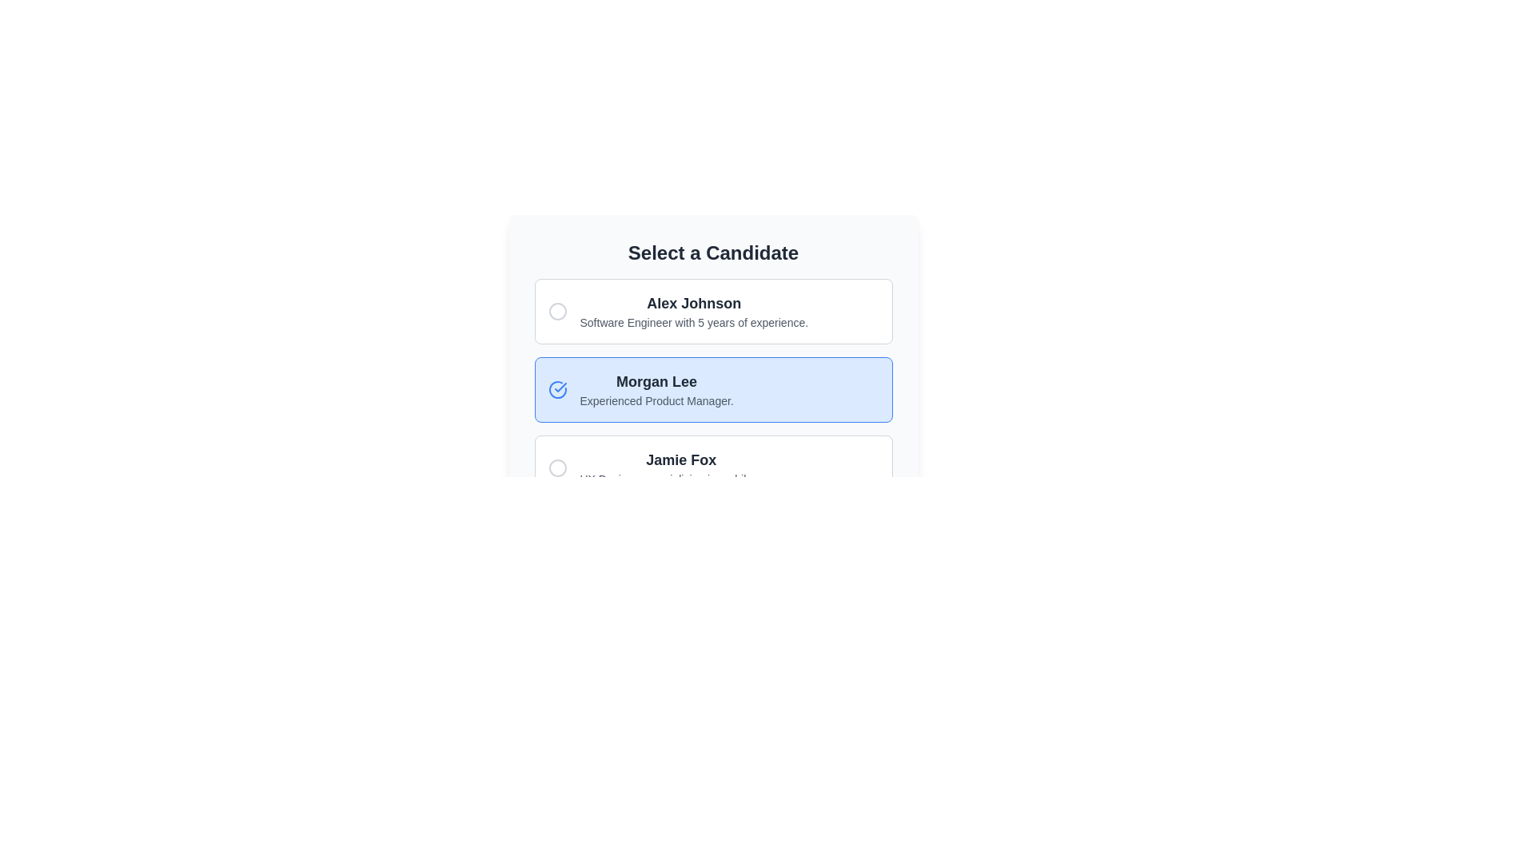  Describe the element at coordinates (557, 390) in the screenshot. I see `the circular icon with a blue border and a checkmark symbol inside, located to the left of the 'Morgan Lee' button, to toggle its state` at that location.